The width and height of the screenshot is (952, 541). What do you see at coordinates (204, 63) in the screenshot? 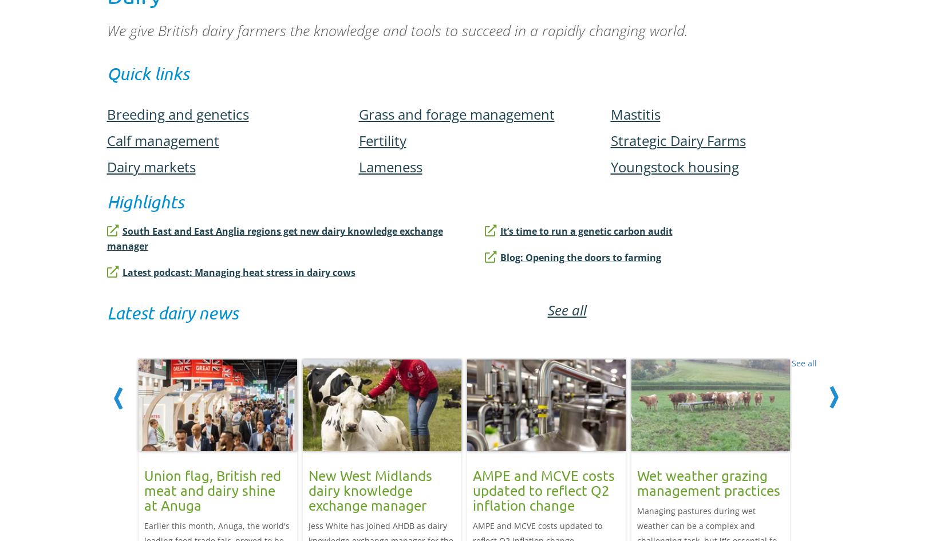
I see `'Follow us on social media:'` at bounding box center [204, 63].